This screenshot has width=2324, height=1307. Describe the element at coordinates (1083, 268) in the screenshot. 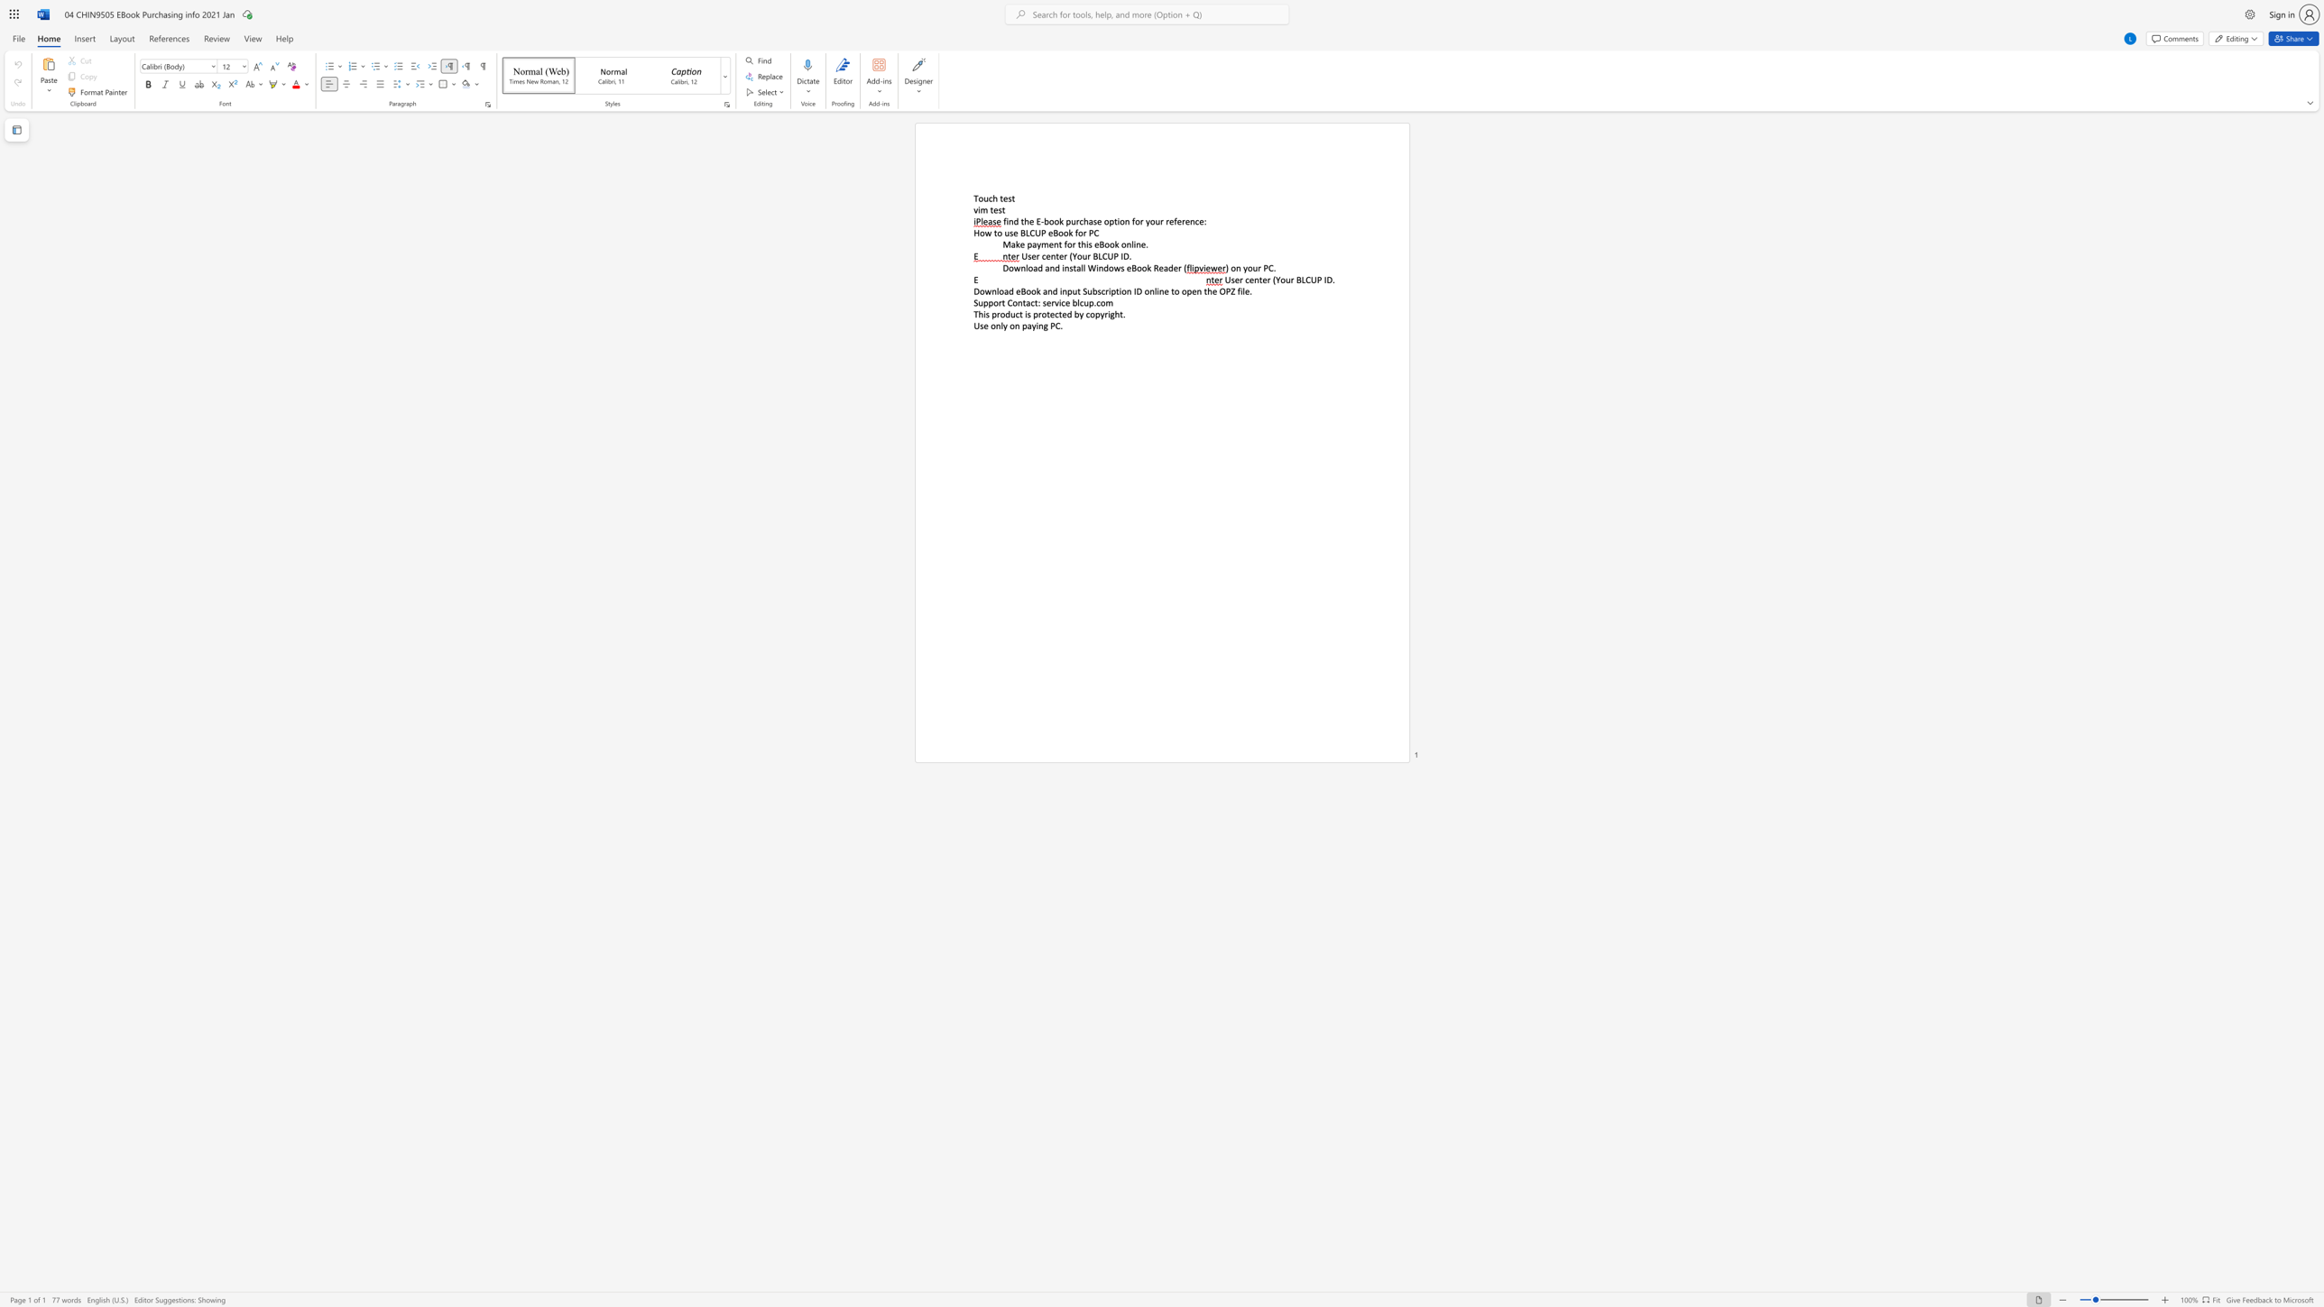

I see `the subset text "l Windows eBook Rea" within the text "Download and install Windows eBook Reader ("` at that location.